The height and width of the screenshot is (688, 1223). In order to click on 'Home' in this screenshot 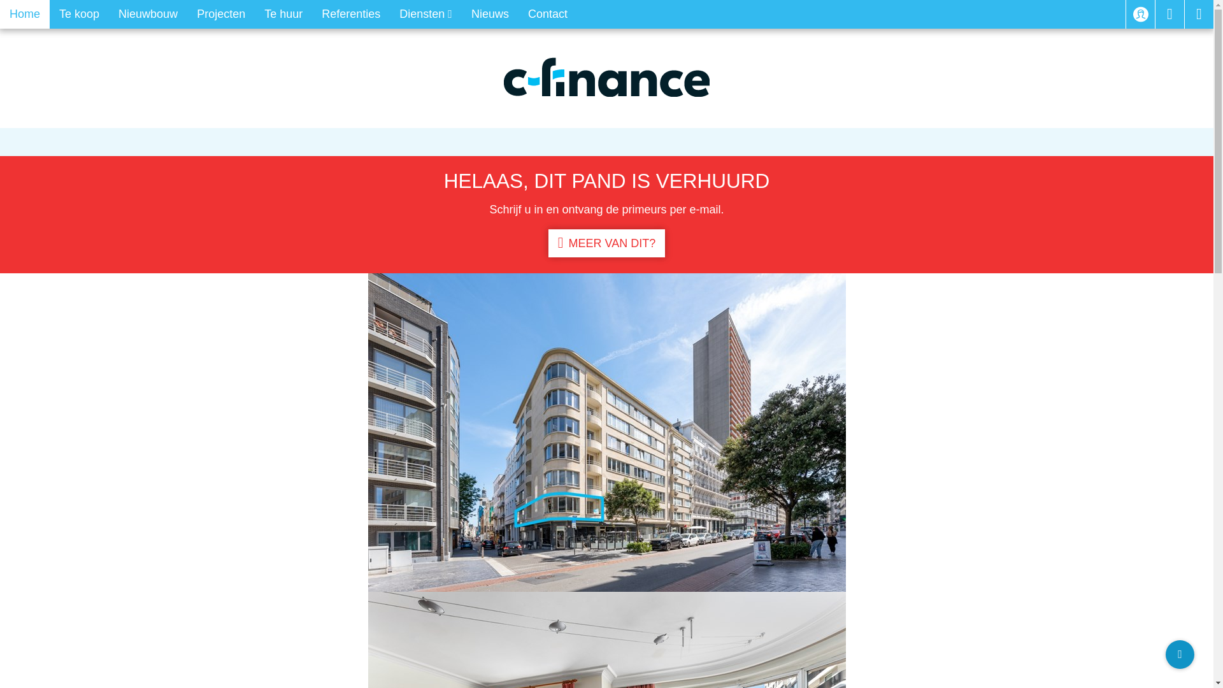, I will do `click(24, 14)`.